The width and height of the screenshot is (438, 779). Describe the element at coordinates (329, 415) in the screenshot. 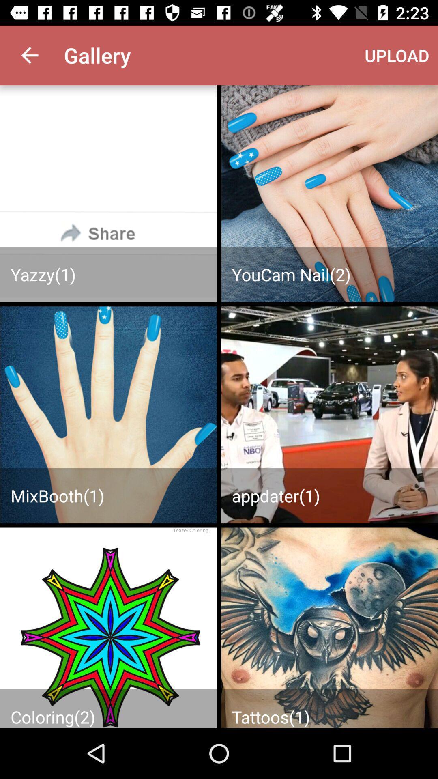

I see `choose this picture` at that location.